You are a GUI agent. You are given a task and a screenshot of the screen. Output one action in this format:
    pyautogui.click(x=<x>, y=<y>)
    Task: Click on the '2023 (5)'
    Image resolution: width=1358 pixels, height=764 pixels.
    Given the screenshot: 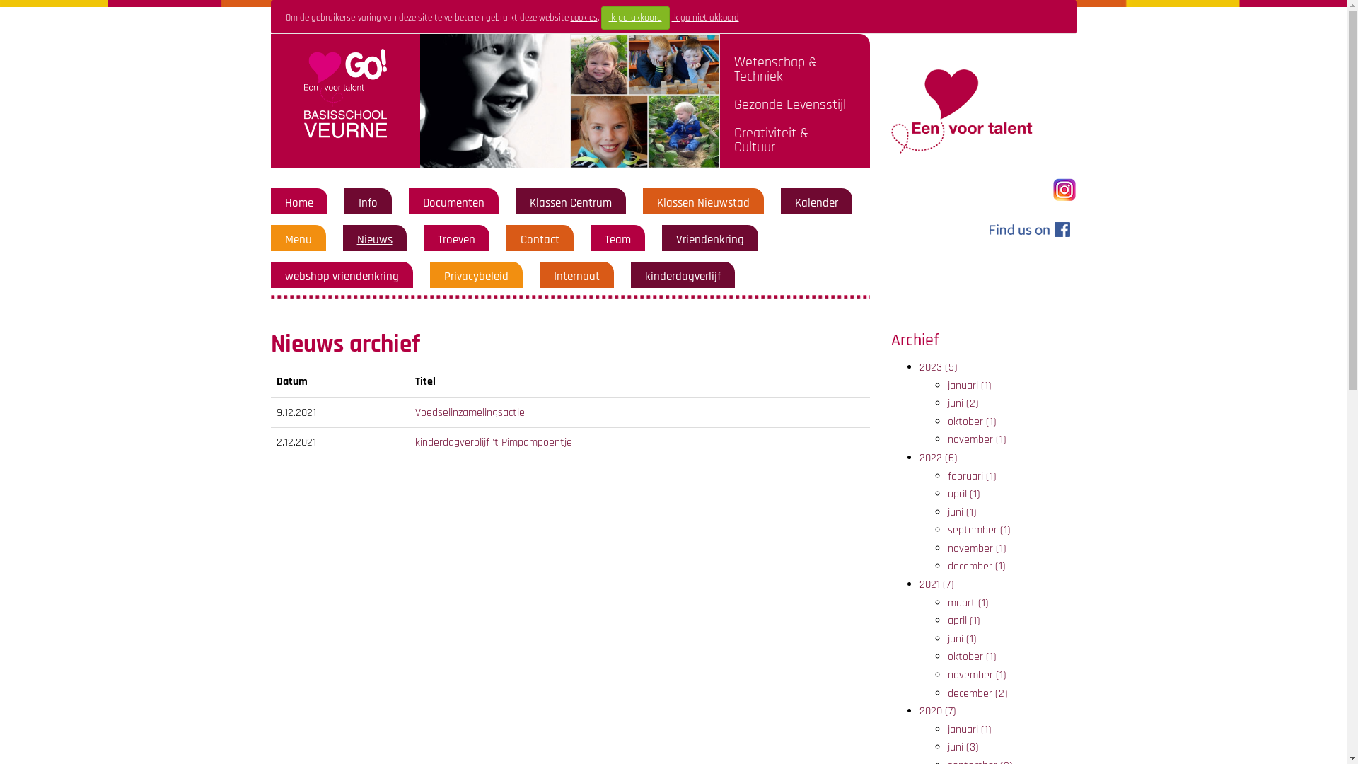 What is the action you would take?
    pyautogui.click(x=938, y=366)
    